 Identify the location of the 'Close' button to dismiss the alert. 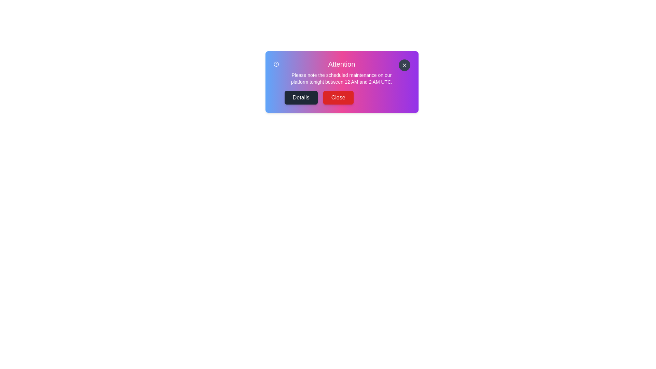
(338, 97).